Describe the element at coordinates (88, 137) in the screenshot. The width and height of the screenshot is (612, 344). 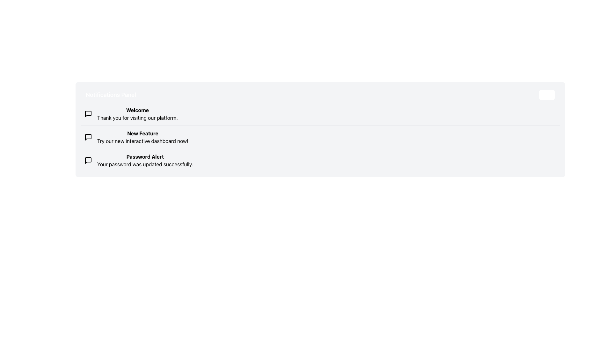
I see `the speech bubble icon that is part of the 'New Feature' notification entry, located to the left of the title 'New Feature'` at that location.